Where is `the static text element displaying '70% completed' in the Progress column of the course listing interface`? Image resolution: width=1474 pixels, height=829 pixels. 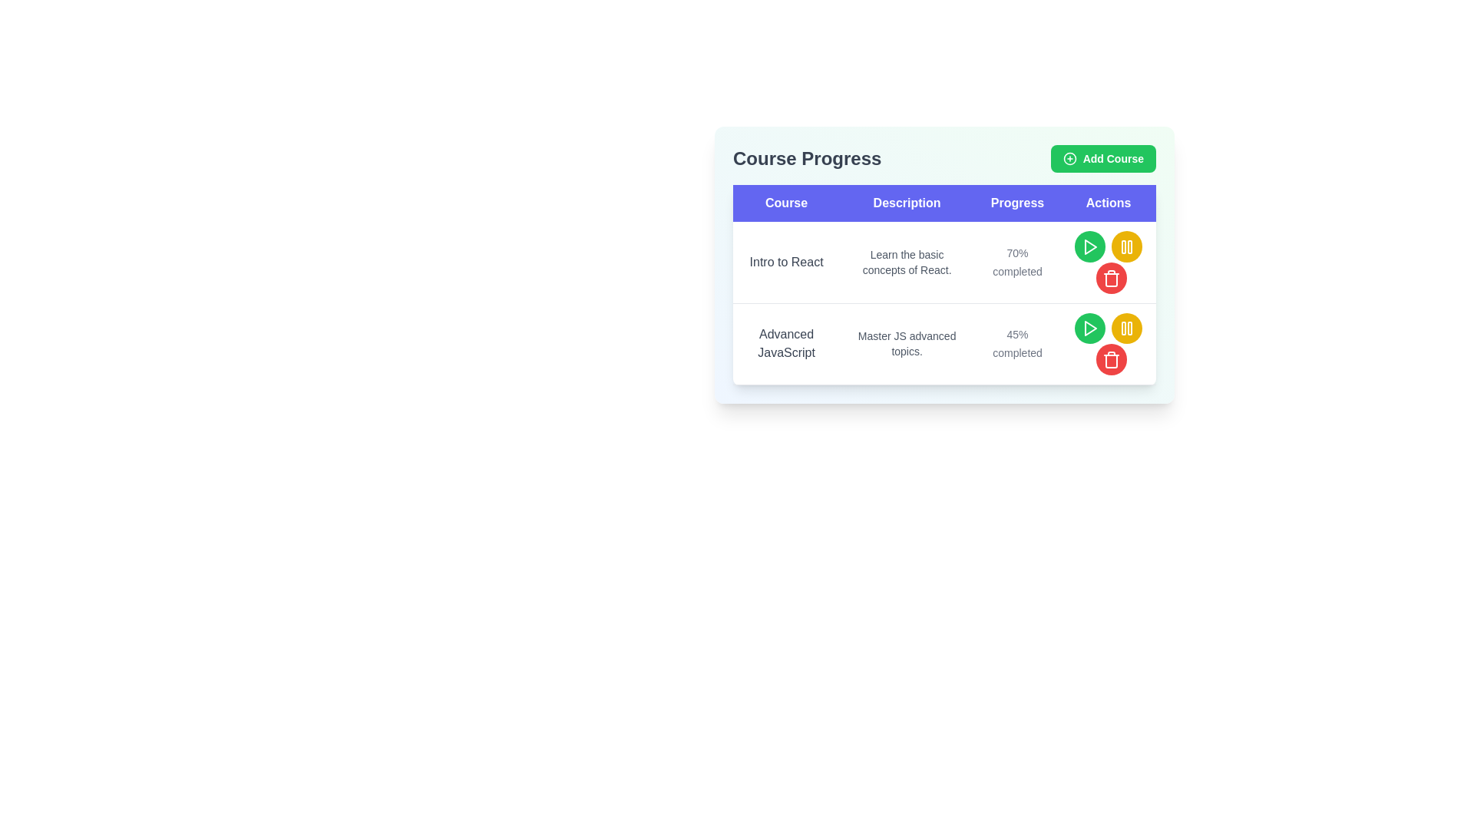
the static text element displaying '70% completed' in the Progress column of the course listing interface is located at coordinates (1017, 261).